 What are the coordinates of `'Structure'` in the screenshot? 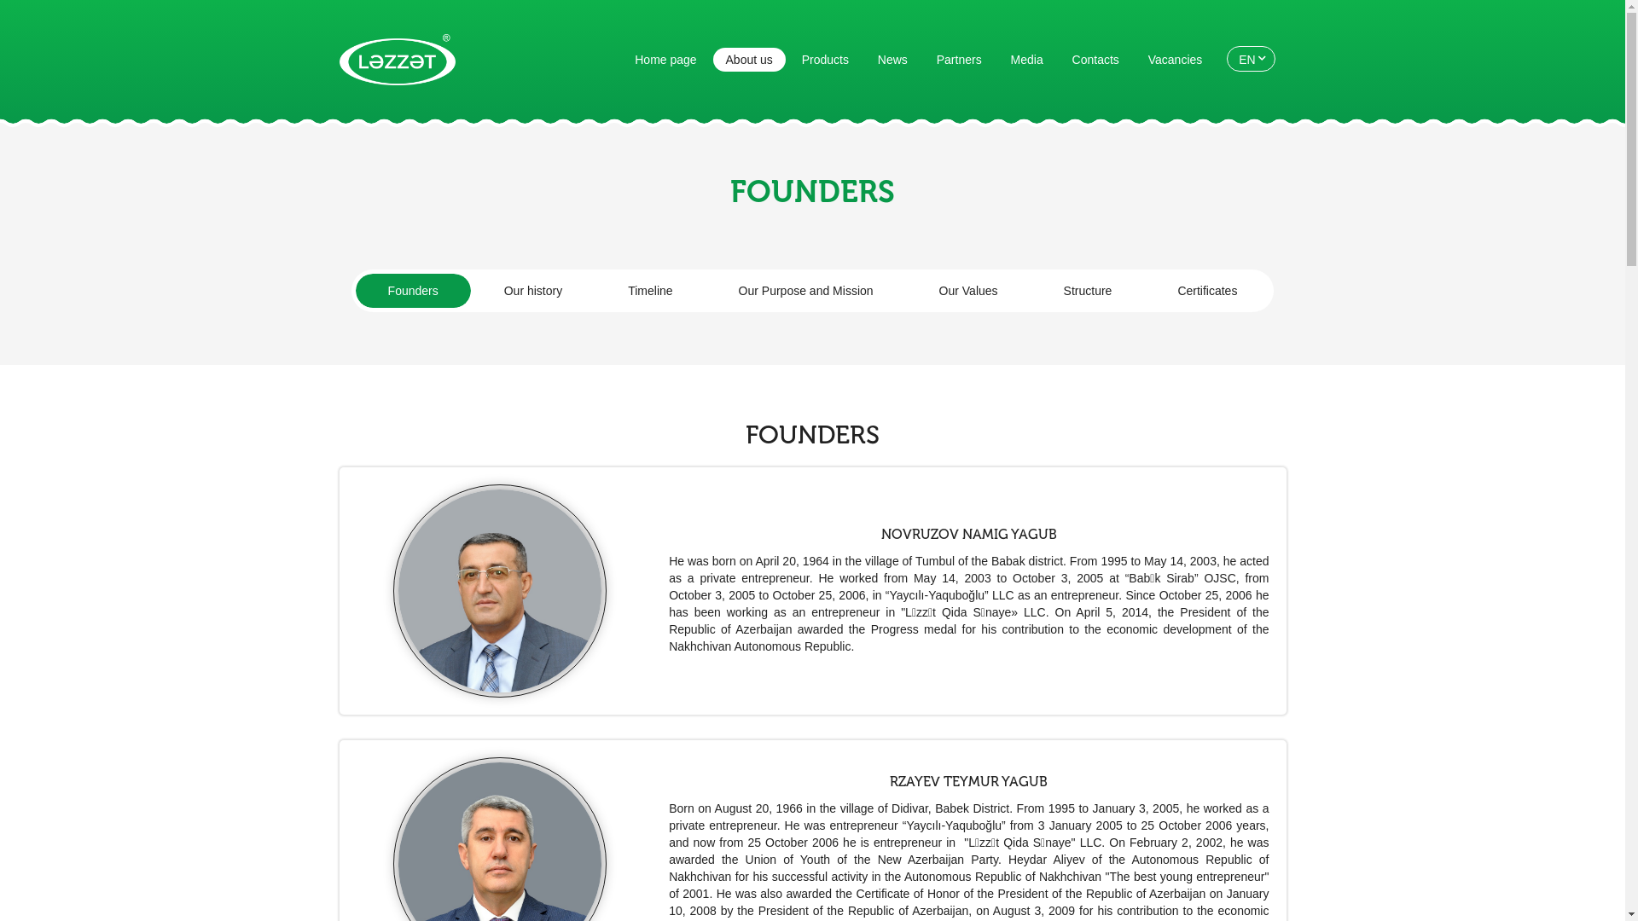 It's located at (1087, 289).